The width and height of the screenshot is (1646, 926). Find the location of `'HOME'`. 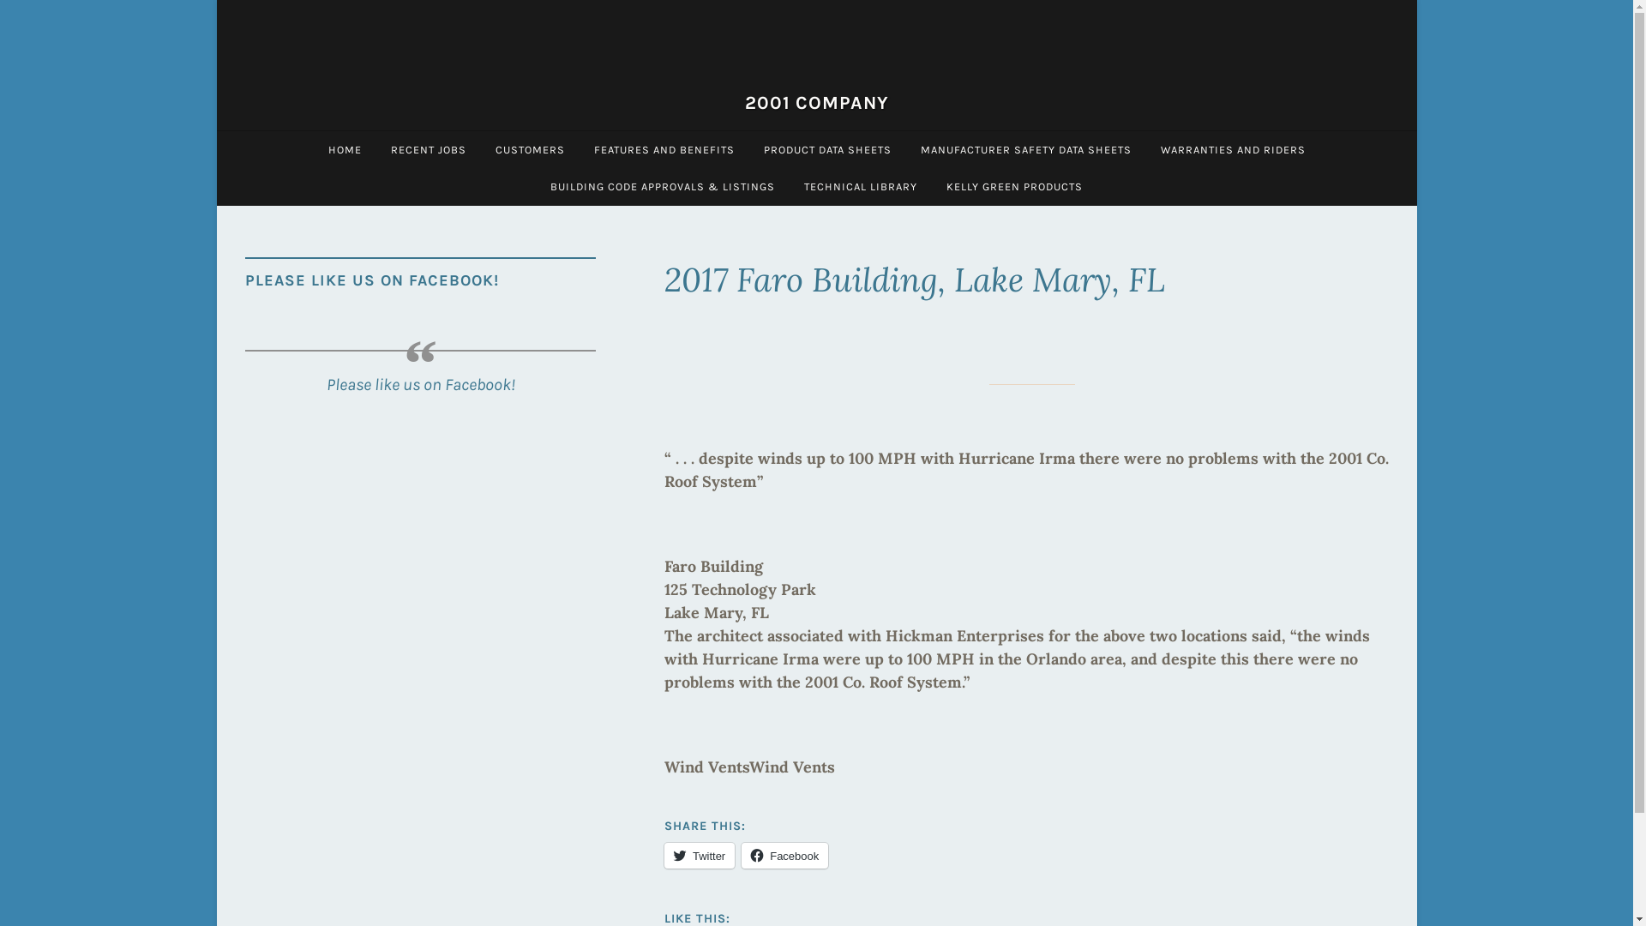

'HOME' is located at coordinates (344, 148).